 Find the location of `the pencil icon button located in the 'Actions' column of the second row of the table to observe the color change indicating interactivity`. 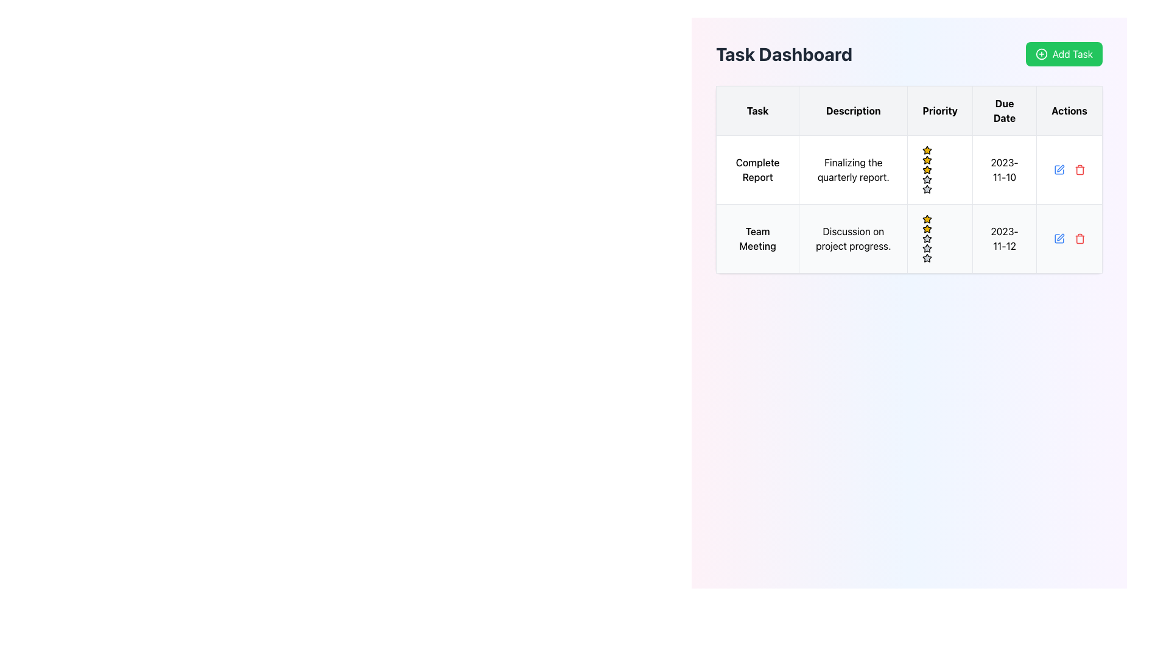

the pencil icon button located in the 'Actions' column of the second row of the table to observe the color change indicating interactivity is located at coordinates (1058, 169).